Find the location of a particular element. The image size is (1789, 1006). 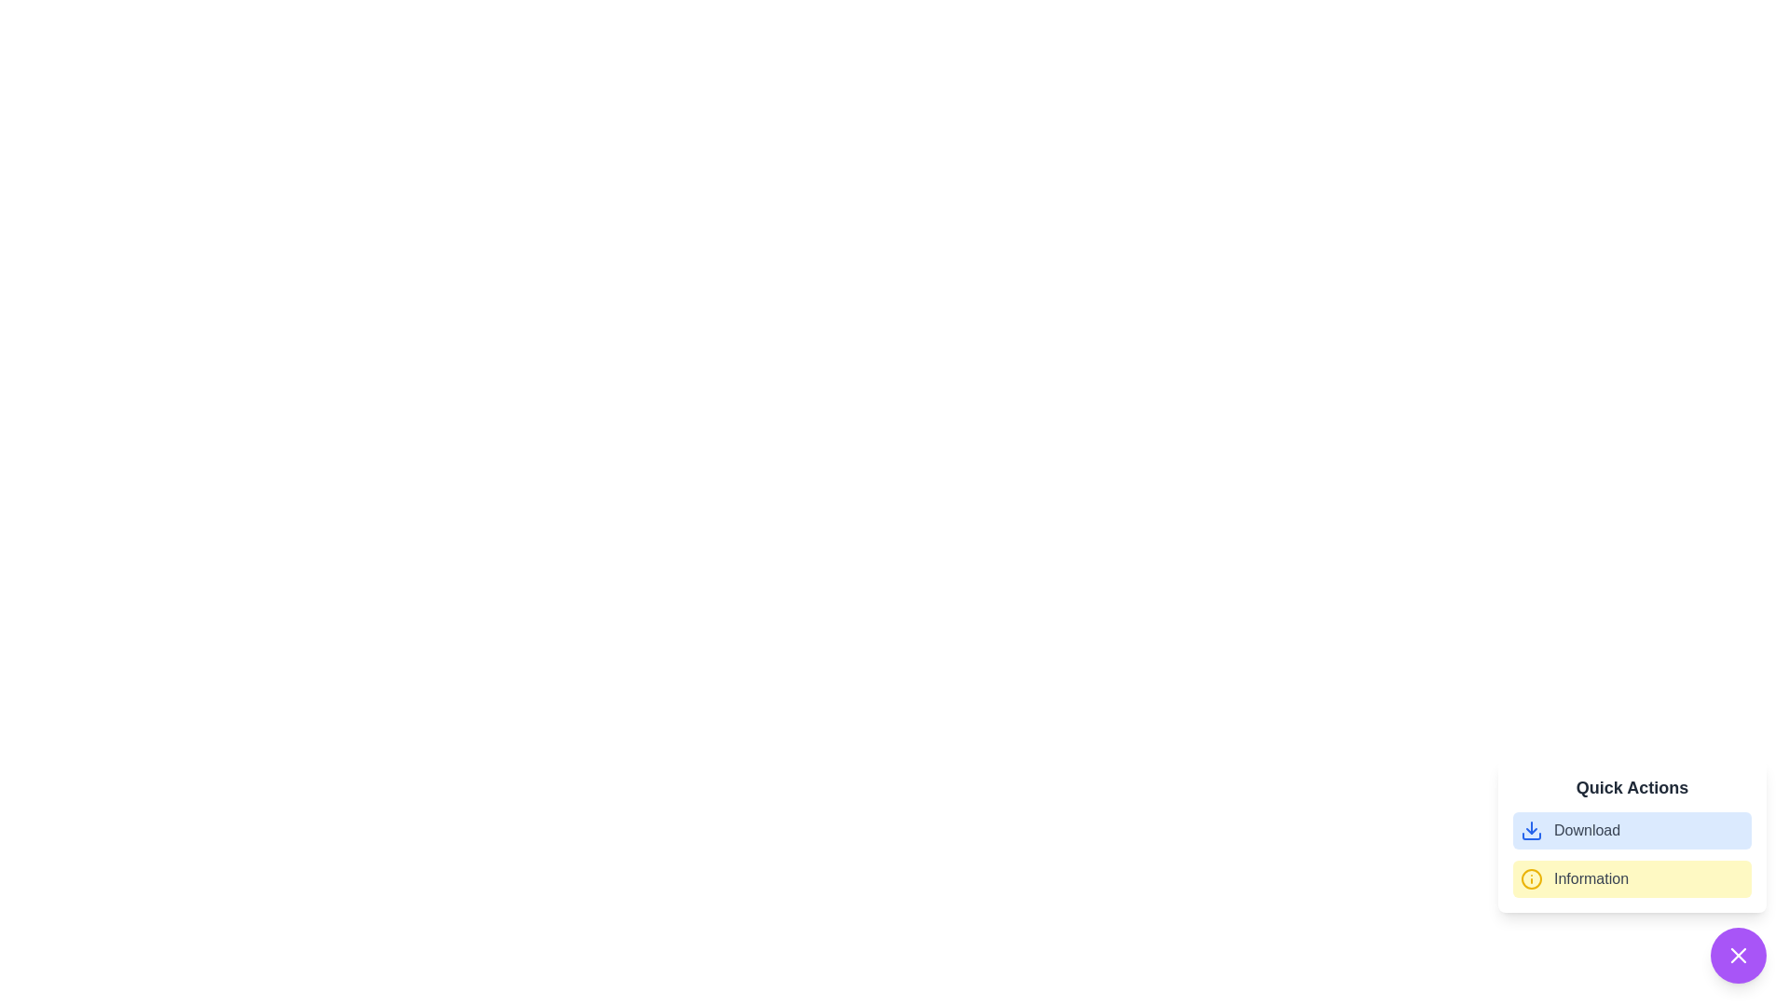

the circular button with a vibrant purple background and white cross icon located at the bottom-right corner beneath the 'Quick Actions' section to observe any hover effects is located at coordinates (1738, 956).